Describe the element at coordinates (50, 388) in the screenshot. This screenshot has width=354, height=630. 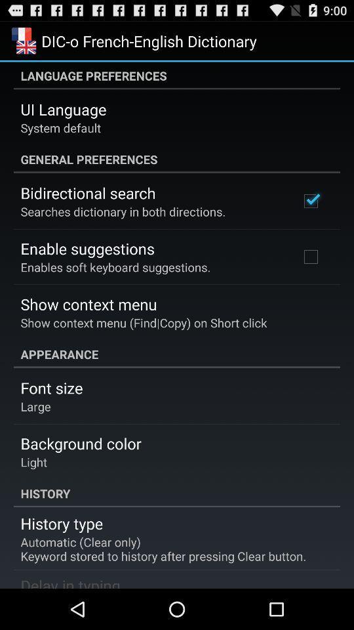
I see `the icon below appearance icon` at that location.